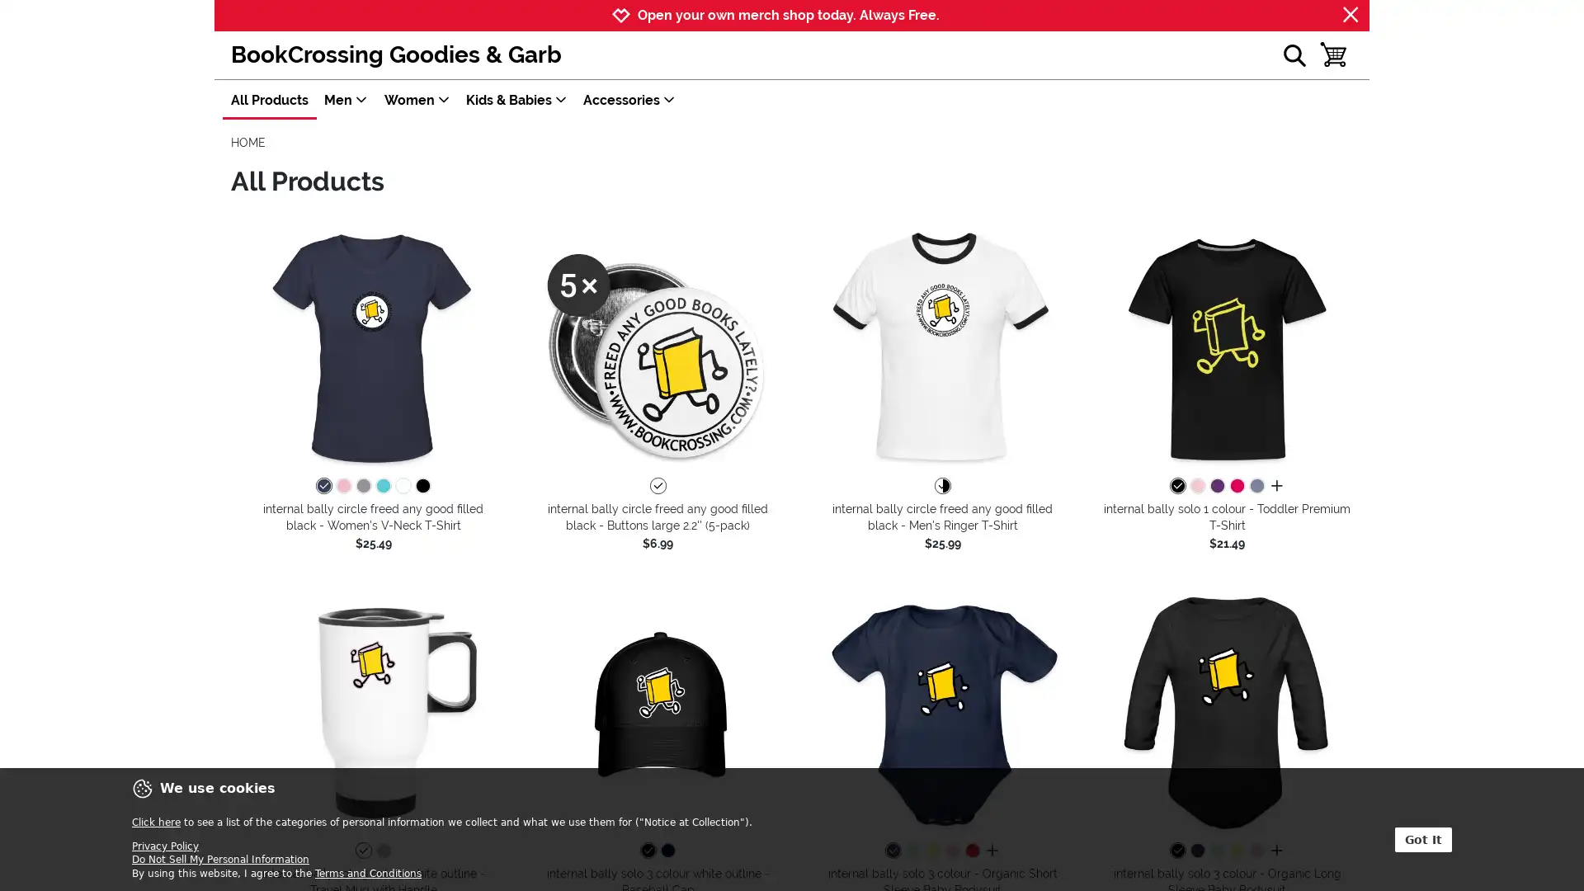 The width and height of the screenshot is (1584, 891). Describe the element at coordinates (362, 486) in the screenshot. I see `gray` at that location.